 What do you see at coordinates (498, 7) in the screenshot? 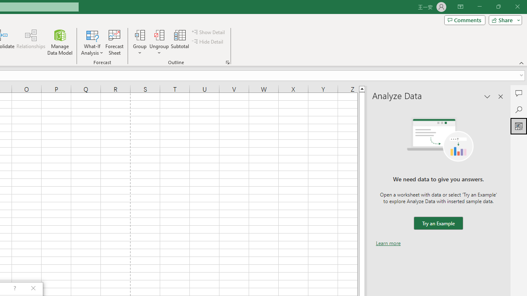
I see `'Restore Down'` at bounding box center [498, 7].